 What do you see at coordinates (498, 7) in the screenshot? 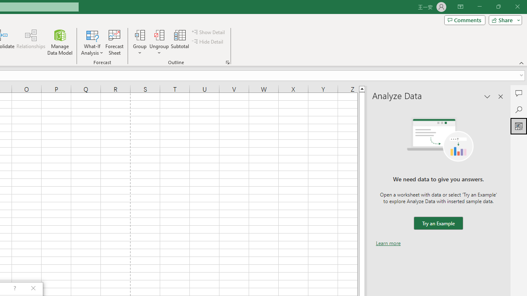
I see `'Restore Down'` at bounding box center [498, 7].